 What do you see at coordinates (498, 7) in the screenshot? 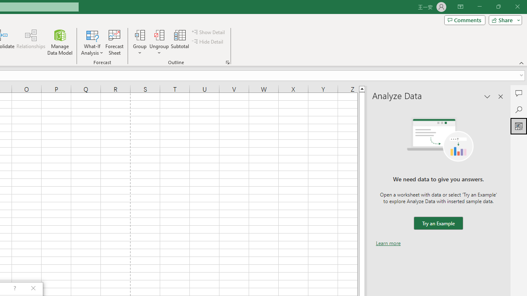
I see `'Restore Down'` at bounding box center [498, 7].